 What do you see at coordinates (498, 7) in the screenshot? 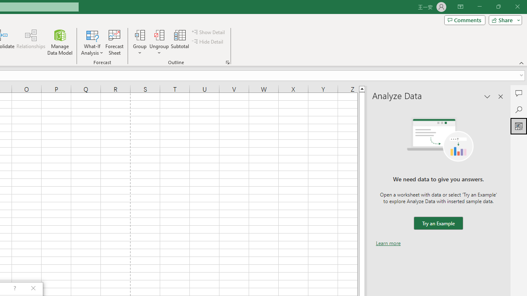
I see `'Restore Down'` at bounding box center [498, 7].